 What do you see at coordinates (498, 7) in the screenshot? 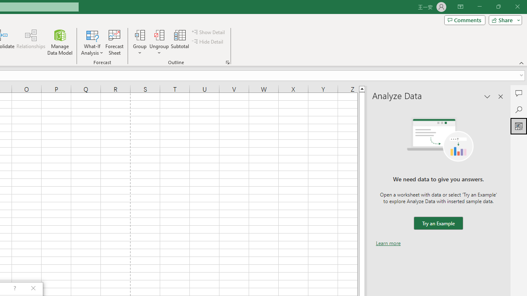
I see `'Restore Down'` at bounding box center [498, 7].